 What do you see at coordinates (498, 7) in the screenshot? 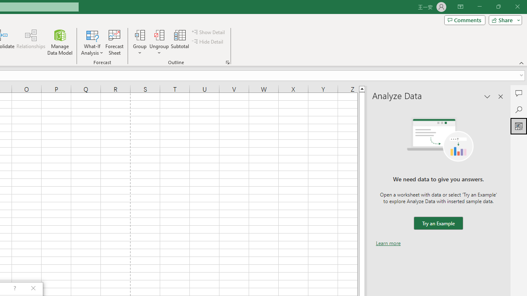
I see `'Restore Down'` at bounding box center [498, 7].